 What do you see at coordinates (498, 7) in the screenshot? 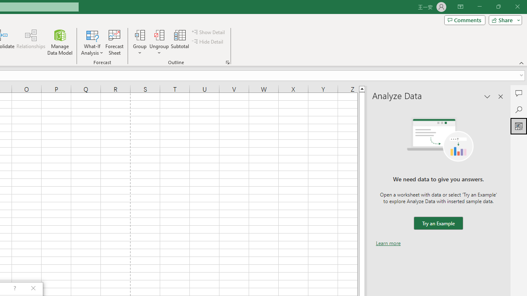
I see `'Restore Down'` at bounding box center [498, 7].